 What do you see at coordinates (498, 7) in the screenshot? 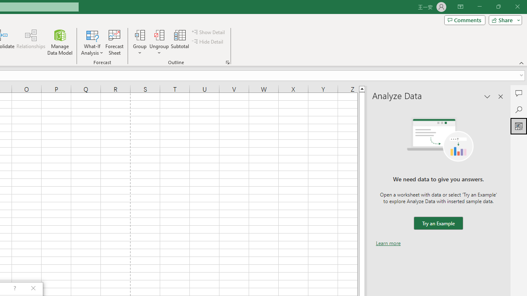
I see `'Restore Down'` at bounding box center [498, 7].